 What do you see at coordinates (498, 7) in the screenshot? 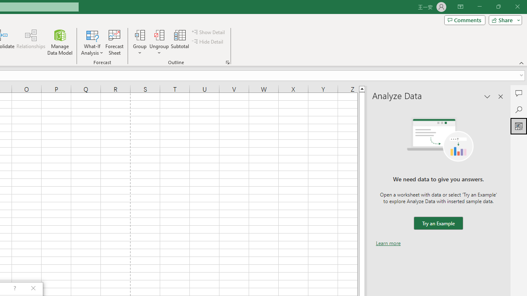
I see `'Restore Down'` at bounding box center [498, 7].